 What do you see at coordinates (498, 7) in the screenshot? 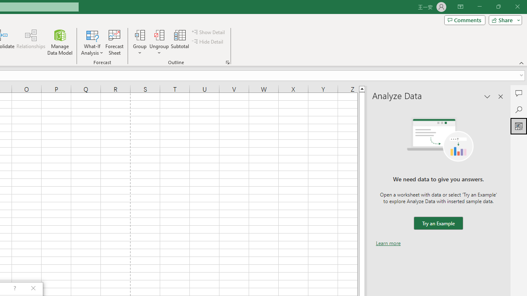
I see `'Restore Down'` at bounding box center [498, 7].